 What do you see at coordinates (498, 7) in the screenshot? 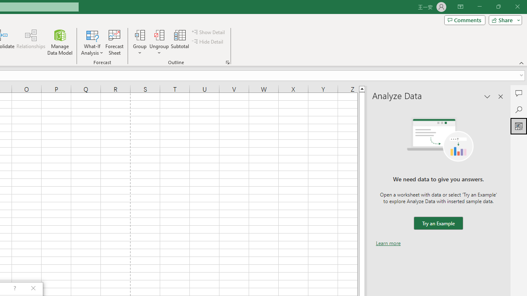
I see `'Restore Down'` at bounding box center [498, 7].